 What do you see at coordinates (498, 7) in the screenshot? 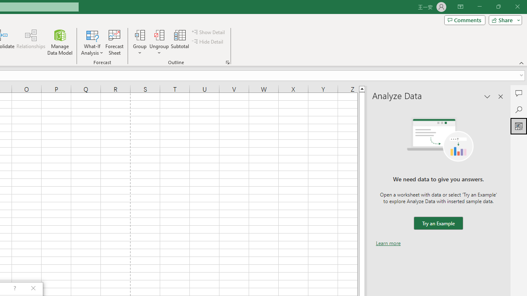
I see `'Restore Down'` at bounding box center [498, 7].